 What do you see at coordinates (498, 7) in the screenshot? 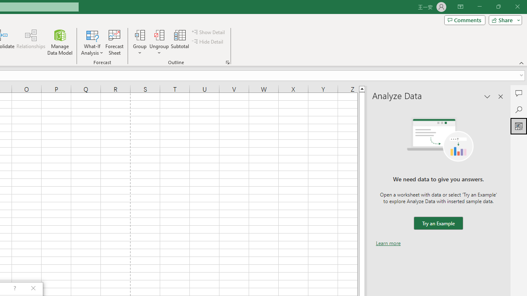
I see `'Restore Down'` at bounding box center [498, 7].